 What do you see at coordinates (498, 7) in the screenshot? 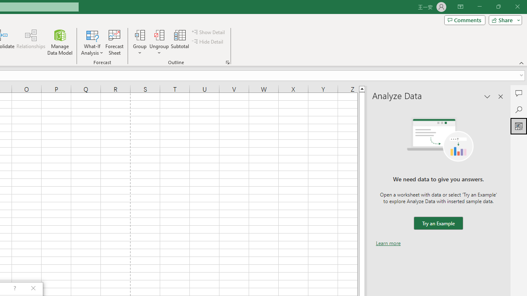
I see `'Restore Down'` at bounding box center [498, 7].